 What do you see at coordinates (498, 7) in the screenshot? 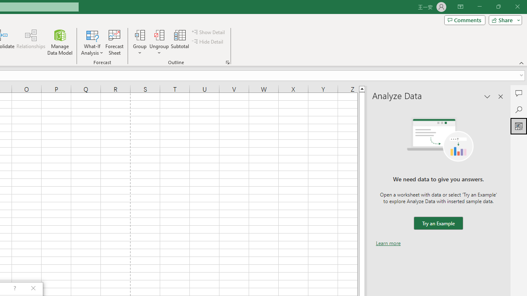
I see `'Restore Down'` at bounding box center [498, 7].